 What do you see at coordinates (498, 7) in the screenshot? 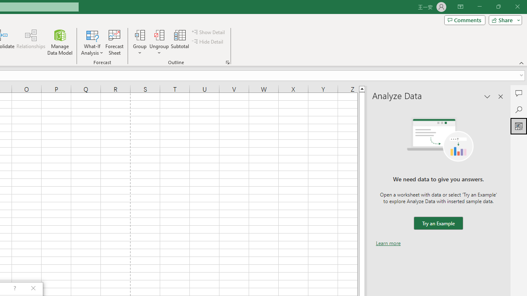
I see `'Restore Down'` at bounding box center [498, 7].